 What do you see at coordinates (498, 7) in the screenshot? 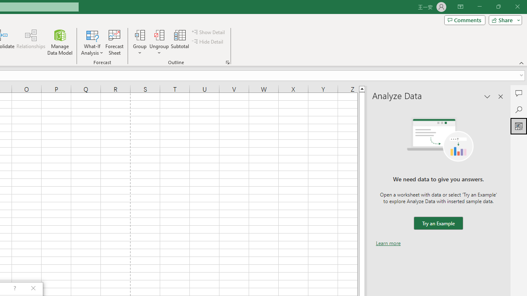
I see `'Restore Down'` at bounding box center [498, 7].